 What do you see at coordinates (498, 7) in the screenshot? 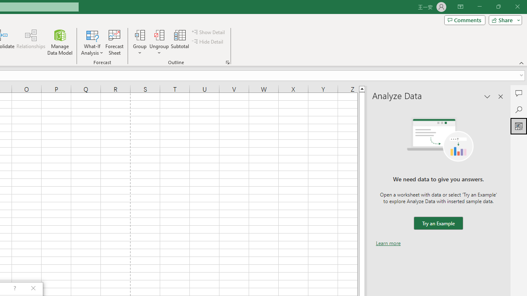
I see `'Restore Down'` at bounding box center [498, 7].